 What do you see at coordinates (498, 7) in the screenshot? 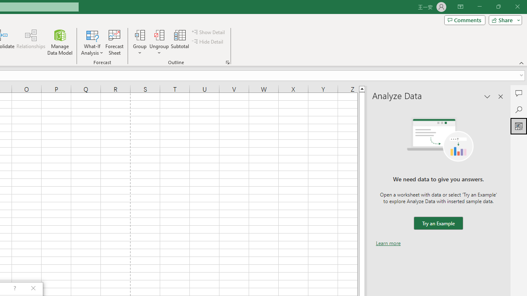
I see `'Restore Down'` at bounding box center [498, 7].